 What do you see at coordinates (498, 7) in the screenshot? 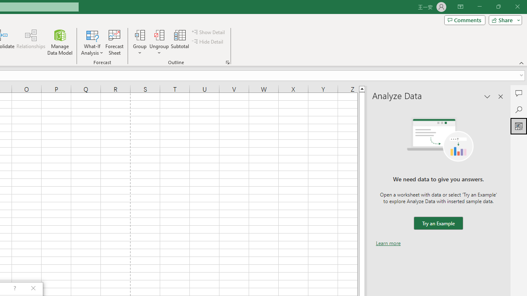
I see `'Restore Down'` at bounding box center [498, 7].